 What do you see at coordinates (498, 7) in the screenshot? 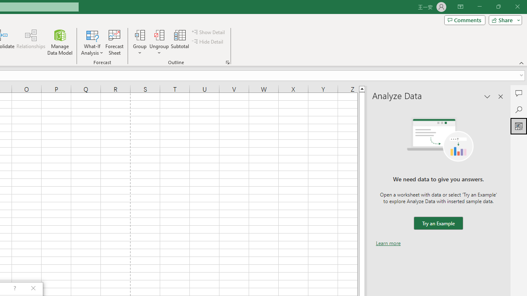
I see `'Restore Down'` at bounding box center [498, 7].